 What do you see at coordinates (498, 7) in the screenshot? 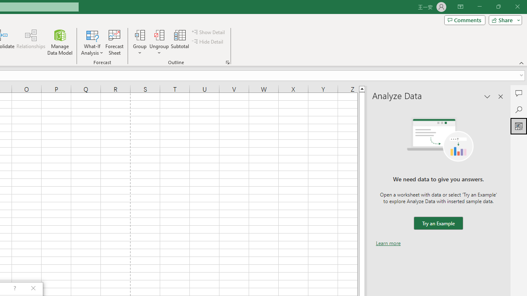
I see `'Restore Down'` at bounding box center [498, 7].